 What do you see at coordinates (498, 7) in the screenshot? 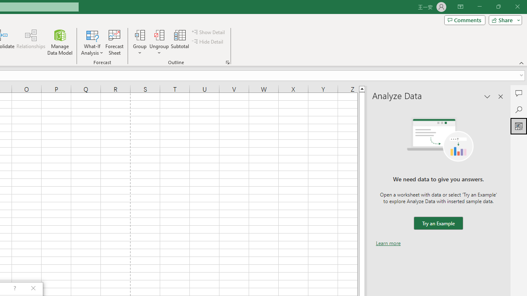
I see `'Restore Down'` at bounding box center [498, 7].